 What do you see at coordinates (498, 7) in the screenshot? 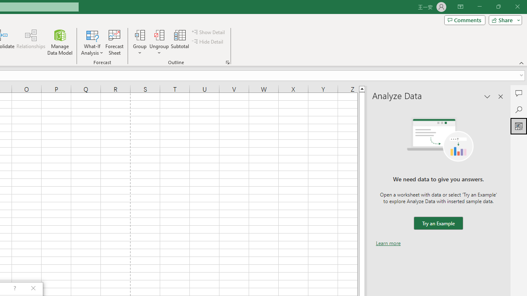
I see `'Restore Down'` at bounding box center [498, 7].